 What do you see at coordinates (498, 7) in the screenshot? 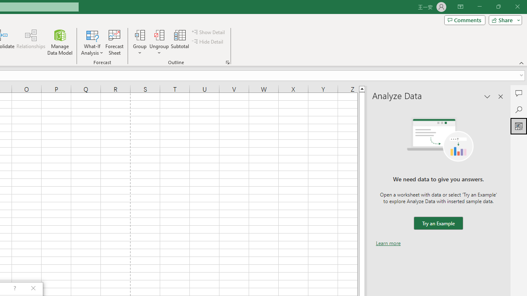
I see `'Restore Down'` at bounding box center [498, 7].